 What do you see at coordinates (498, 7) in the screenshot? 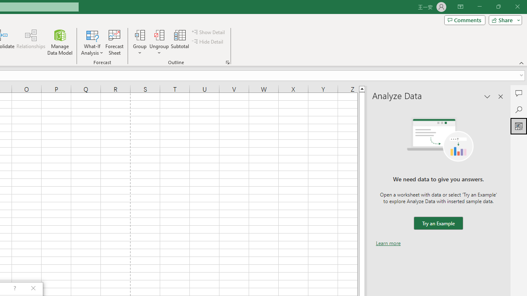
I see `'Restore Down'` at bounding box center [498, 7].